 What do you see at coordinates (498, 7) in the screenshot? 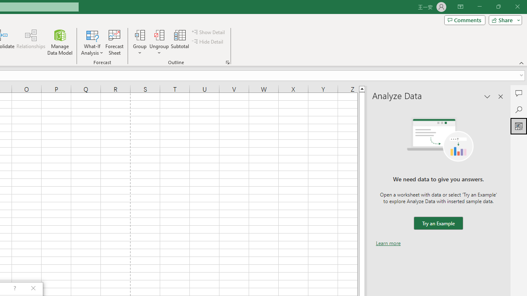
I see `'Restore Down'` at bounding box center [498, 7].